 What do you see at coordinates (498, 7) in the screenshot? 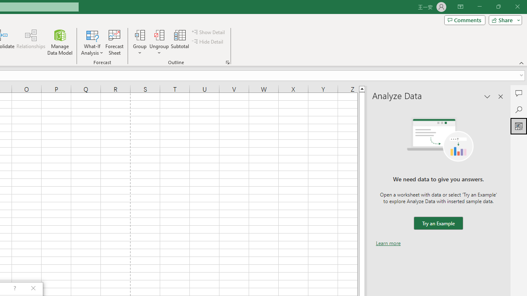
I see `'Restore Down'` at bounding box center [498, 7].